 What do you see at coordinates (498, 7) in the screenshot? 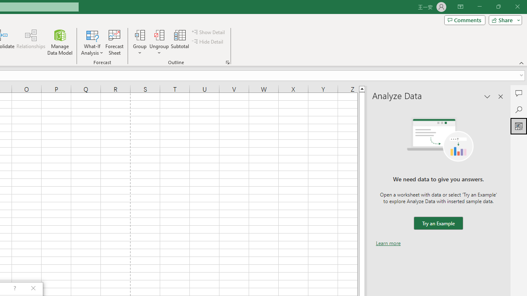
I see `'Restore Down'` at bounding box center [498, 7].